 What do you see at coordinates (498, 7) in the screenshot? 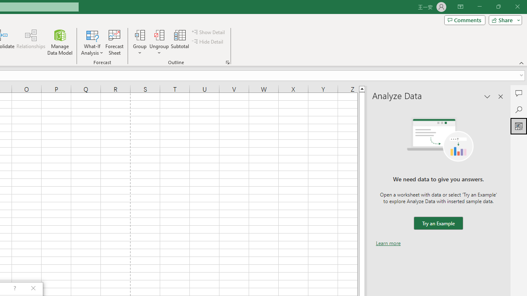
I see `'Restore Down'` at bounding box center [498, 7].